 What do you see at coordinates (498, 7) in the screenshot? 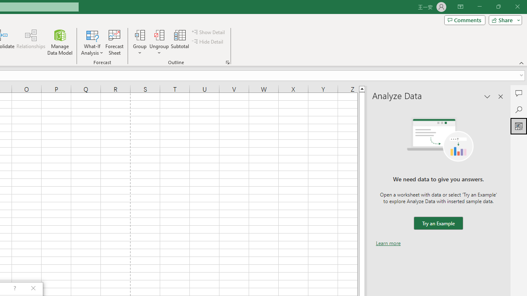
I see `'Restore Down'` at bounding box center [498, 7].